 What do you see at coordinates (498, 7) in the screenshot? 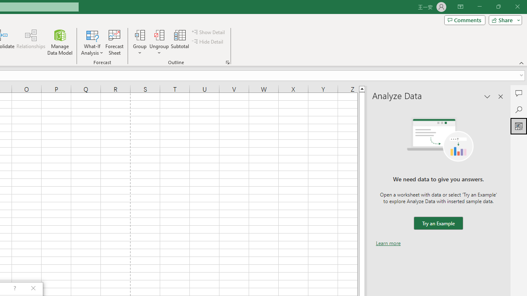
I see `'Restore Down'` at bounding box center [498, 7].